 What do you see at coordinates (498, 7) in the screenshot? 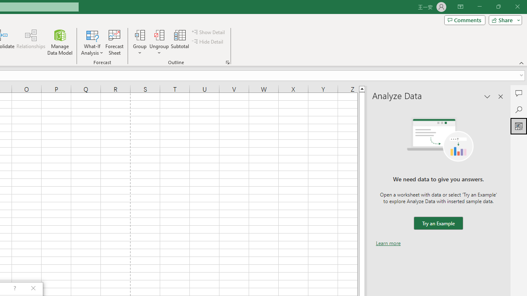
I see `'Restore Down'` at bounding box center [498, 7].